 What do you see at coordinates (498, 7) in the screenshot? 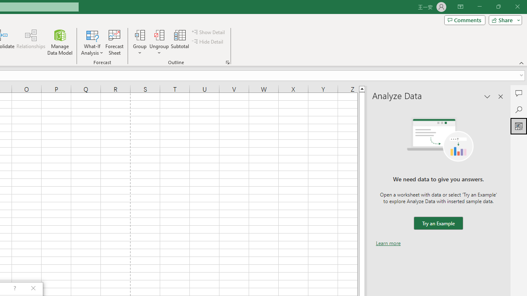
I see `'Restore Down'` at bounding box center [498, 7].